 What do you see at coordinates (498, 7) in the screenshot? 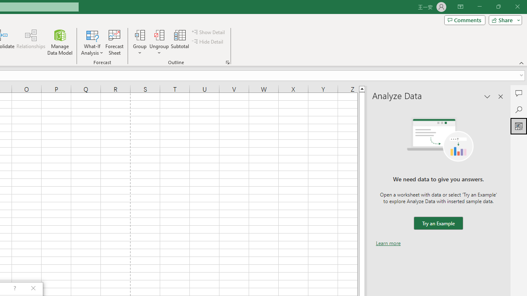
I see `'Restore Down'` at bounding box center [498, 7].